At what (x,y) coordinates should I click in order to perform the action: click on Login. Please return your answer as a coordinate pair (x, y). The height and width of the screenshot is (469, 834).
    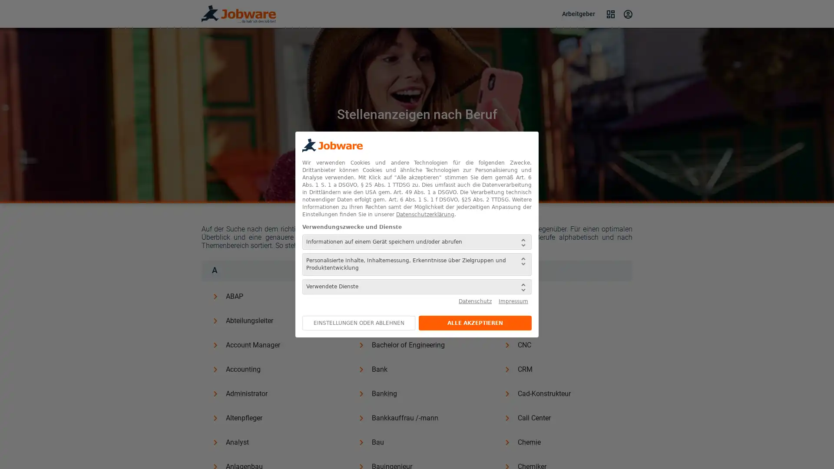
    Looking at the image, I should click on (628, 13).